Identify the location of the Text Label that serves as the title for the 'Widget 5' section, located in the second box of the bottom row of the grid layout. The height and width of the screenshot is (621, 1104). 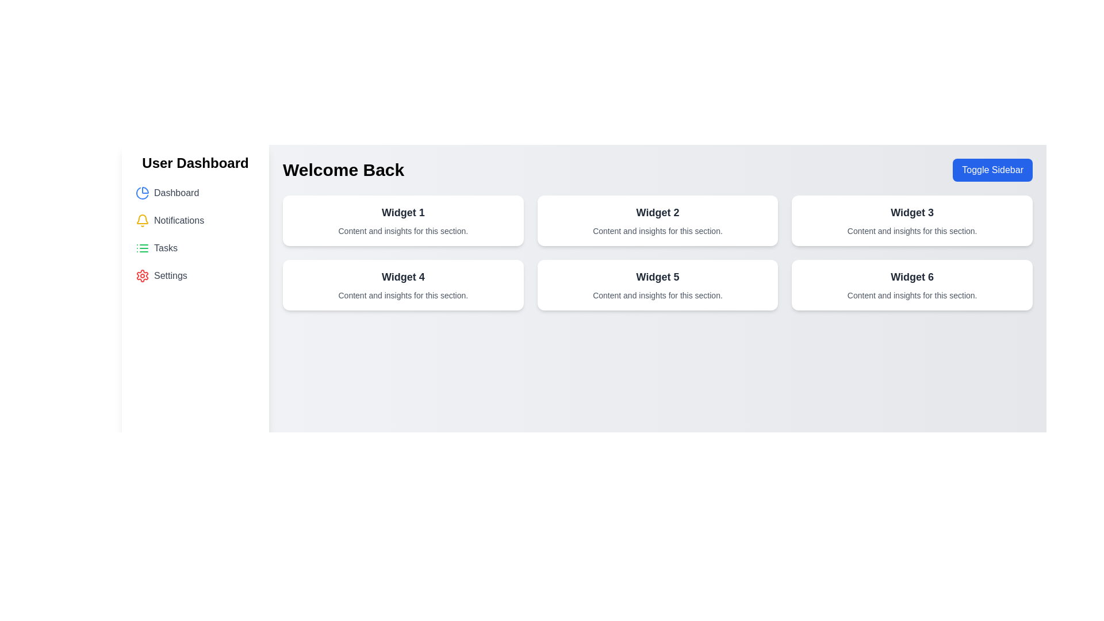
(657, 277).